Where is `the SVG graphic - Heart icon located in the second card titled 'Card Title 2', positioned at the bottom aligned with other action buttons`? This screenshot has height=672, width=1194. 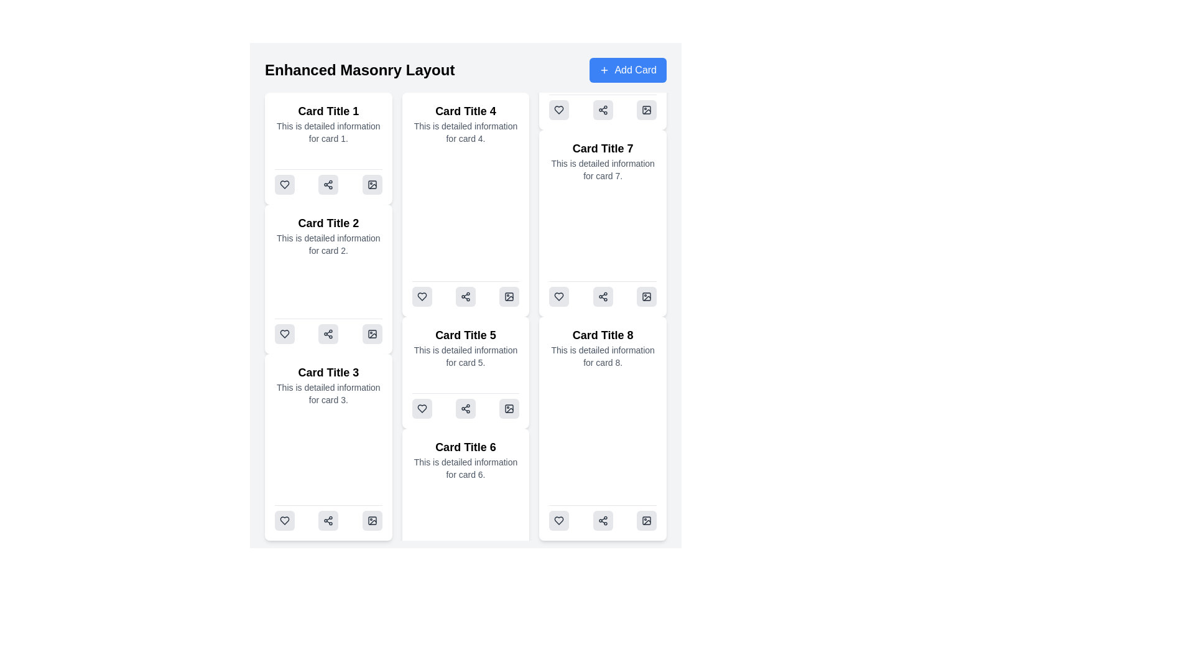
the SVG graphic - Heart icon located in the second card titled 'Card Title 2', positioned at the bottom aligned with other action buttons is located at coordinates (284, 333).